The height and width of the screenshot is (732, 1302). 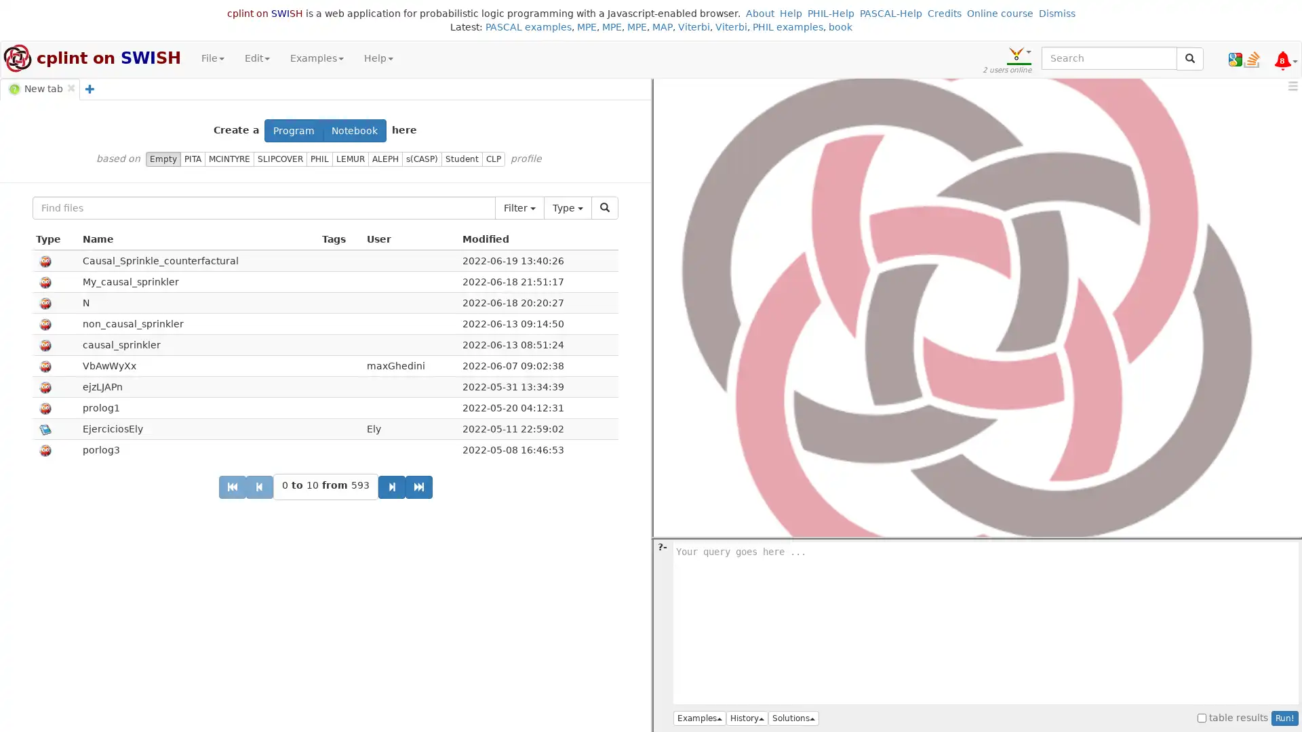 I want to click on Notebook, so click(x=355, y=130).